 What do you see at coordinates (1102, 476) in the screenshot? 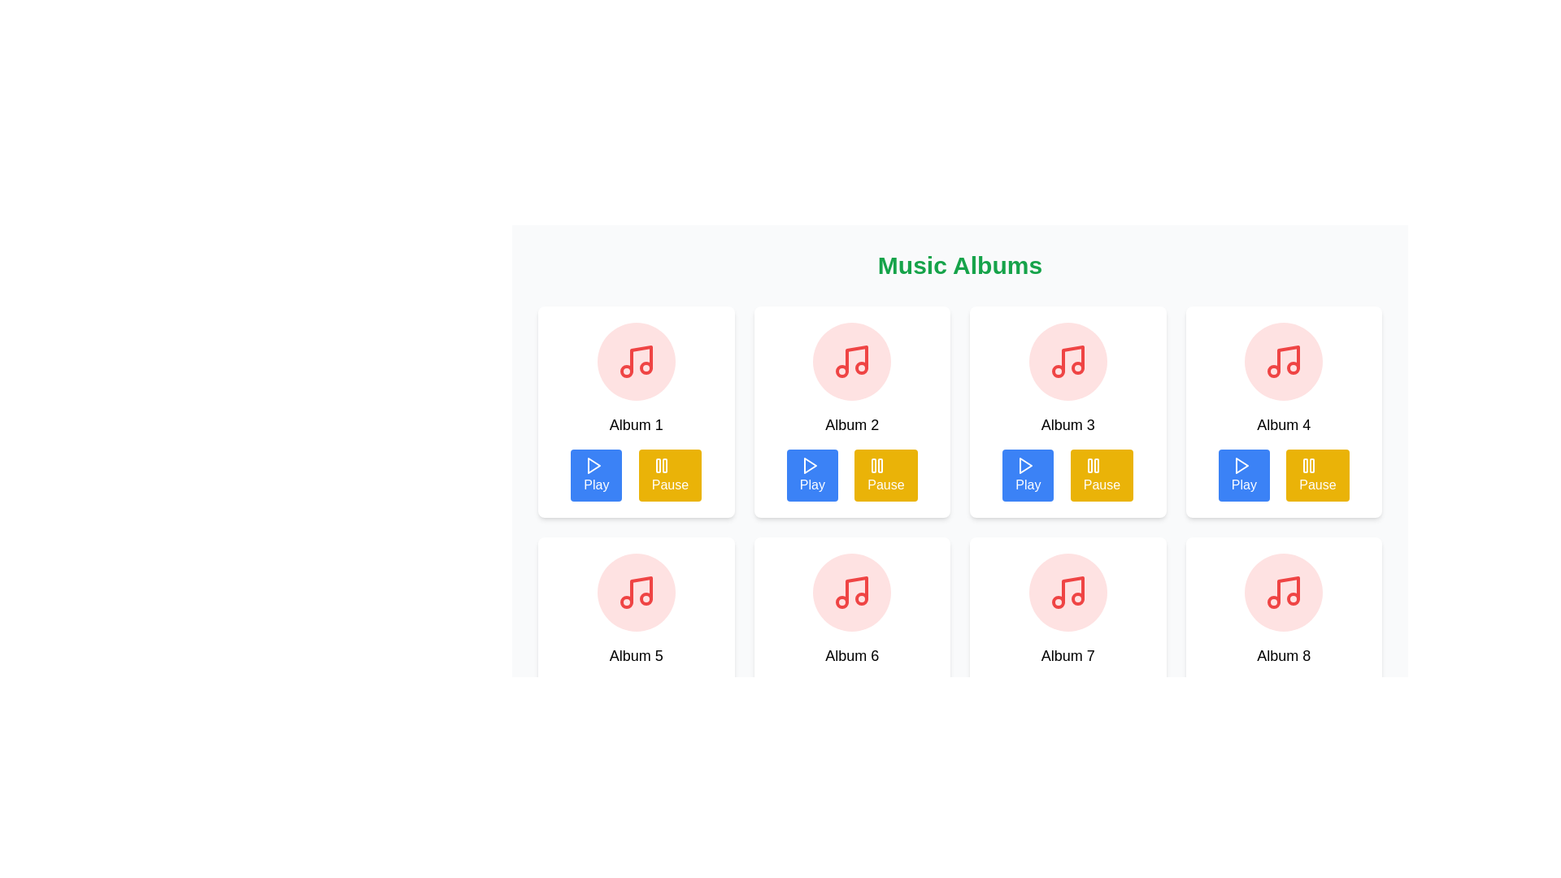
I see `the pause button located within the horizontal group of buttons below 'Album 3'` at bounding box center [1102, 476].